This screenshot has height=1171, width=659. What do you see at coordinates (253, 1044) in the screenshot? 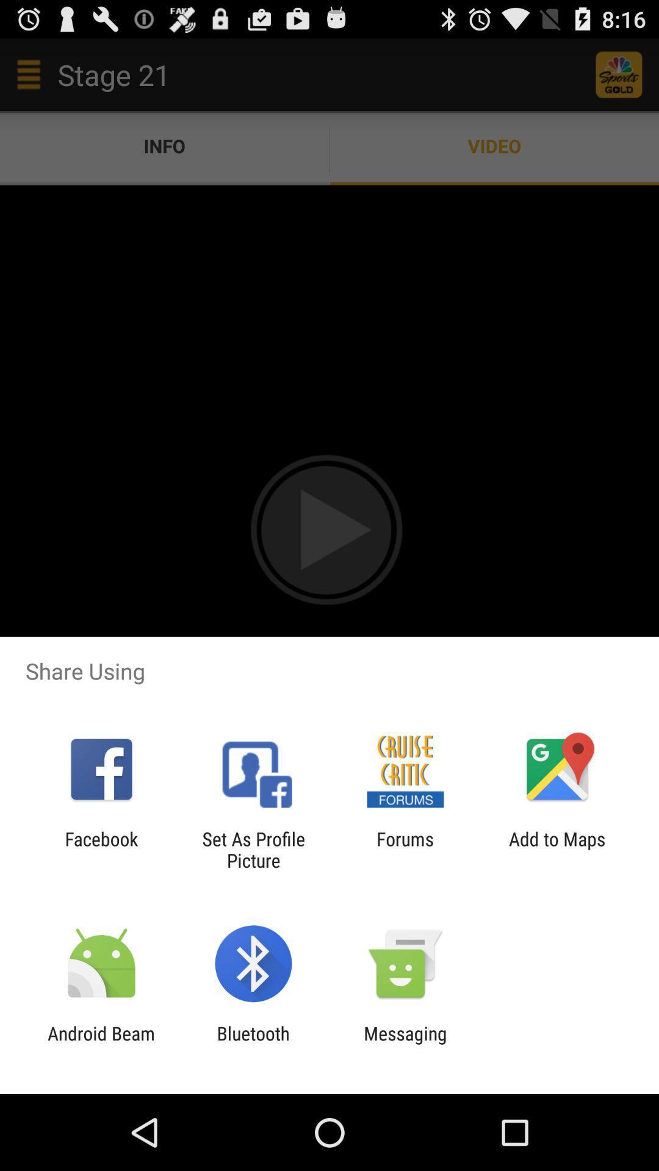
I see `the bluetooth icon` at bounding box center [253, 1044].